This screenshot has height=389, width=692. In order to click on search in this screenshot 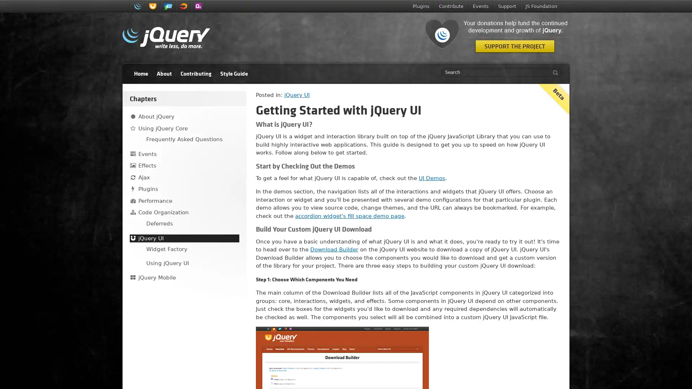, I will do `click(553, 72)`.